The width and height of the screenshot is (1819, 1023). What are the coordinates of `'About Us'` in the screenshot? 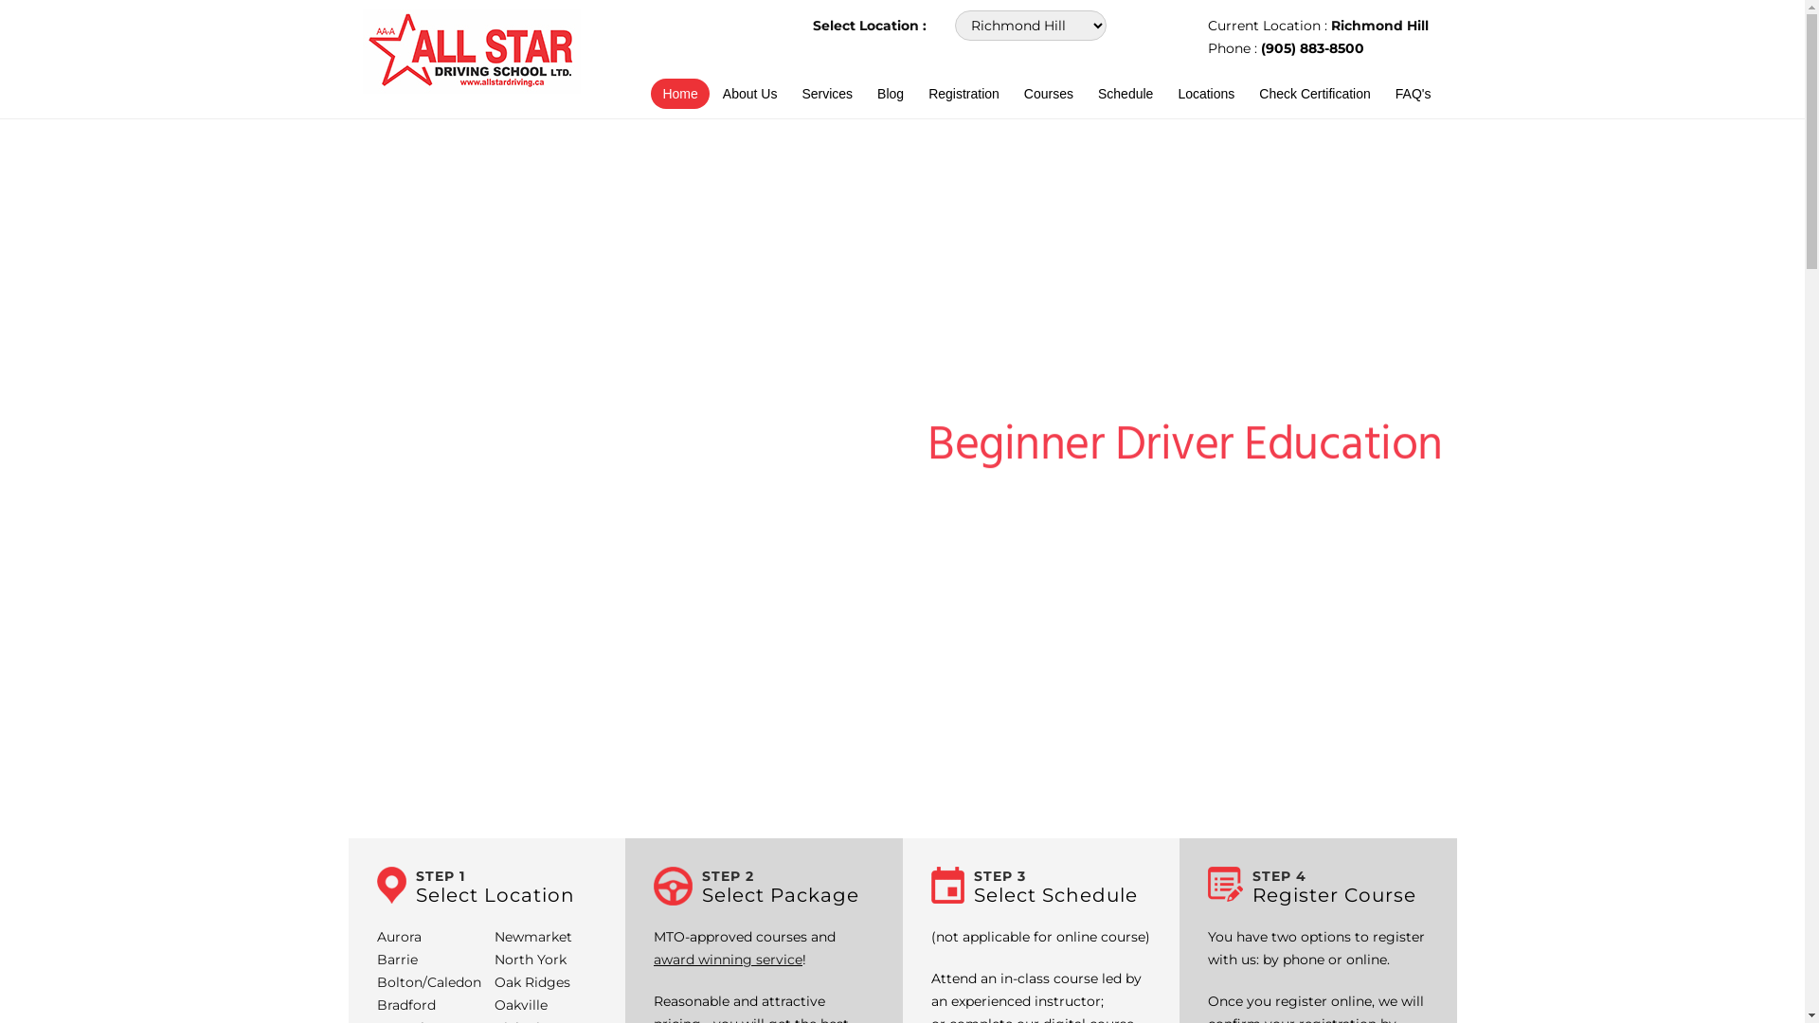 It's located at (749, 94).